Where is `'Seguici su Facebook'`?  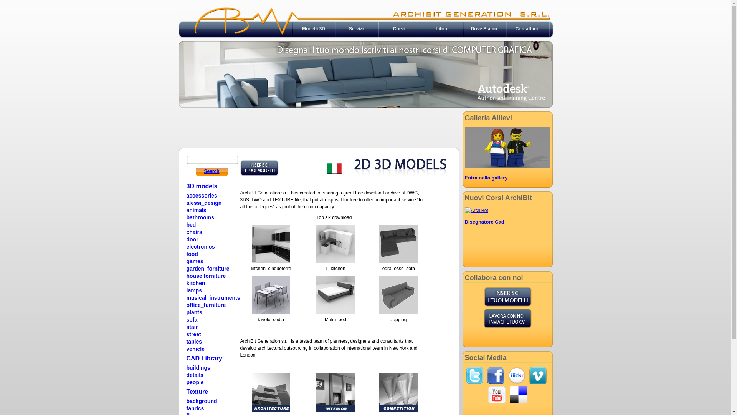 'Seguici su Facebook' is located at coordinates (496, 375).